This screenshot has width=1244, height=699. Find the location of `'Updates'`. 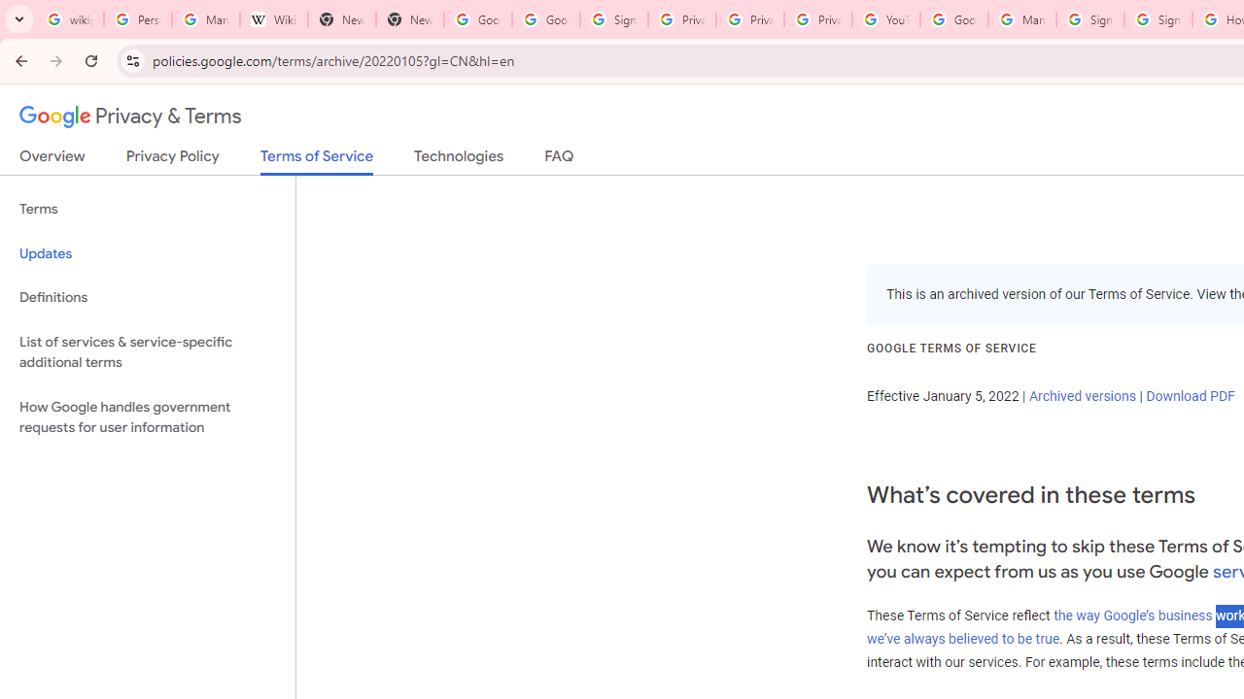

'Updates' is located at coordinates (147, 252).